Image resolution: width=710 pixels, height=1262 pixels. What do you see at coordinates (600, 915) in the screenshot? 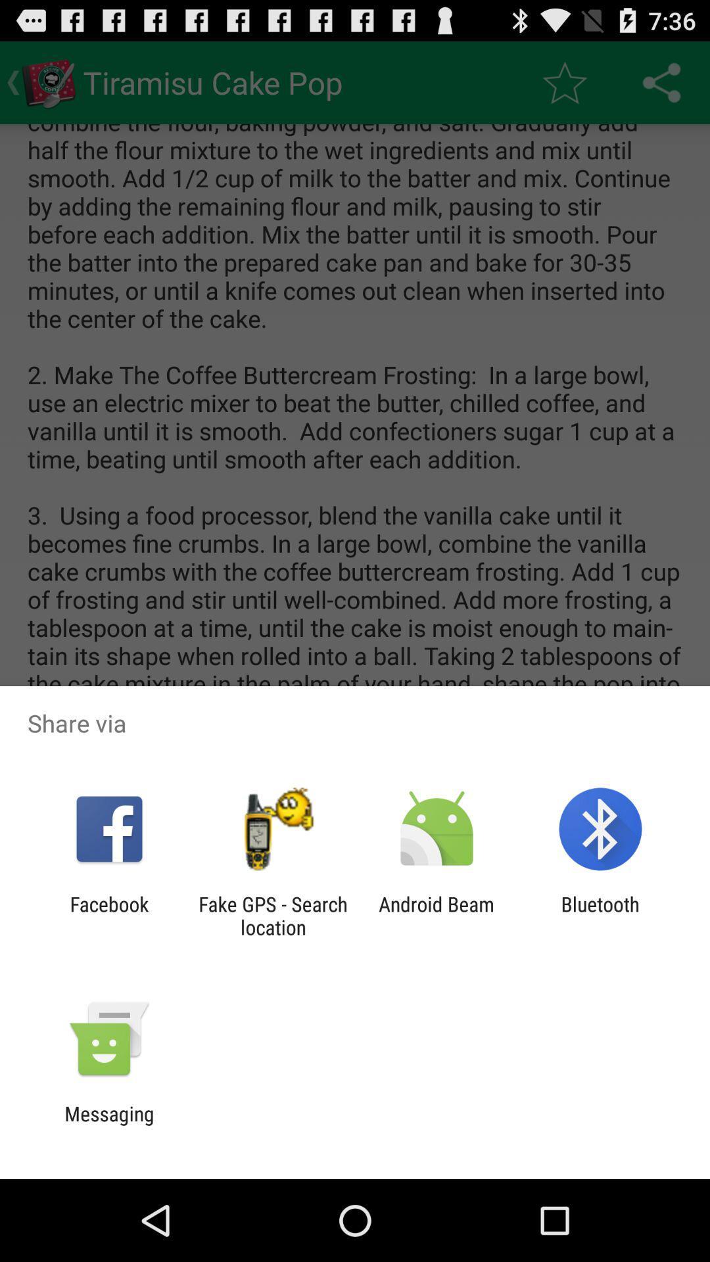
I see `app at the bottom right corner` at bounding box center [600, 915].